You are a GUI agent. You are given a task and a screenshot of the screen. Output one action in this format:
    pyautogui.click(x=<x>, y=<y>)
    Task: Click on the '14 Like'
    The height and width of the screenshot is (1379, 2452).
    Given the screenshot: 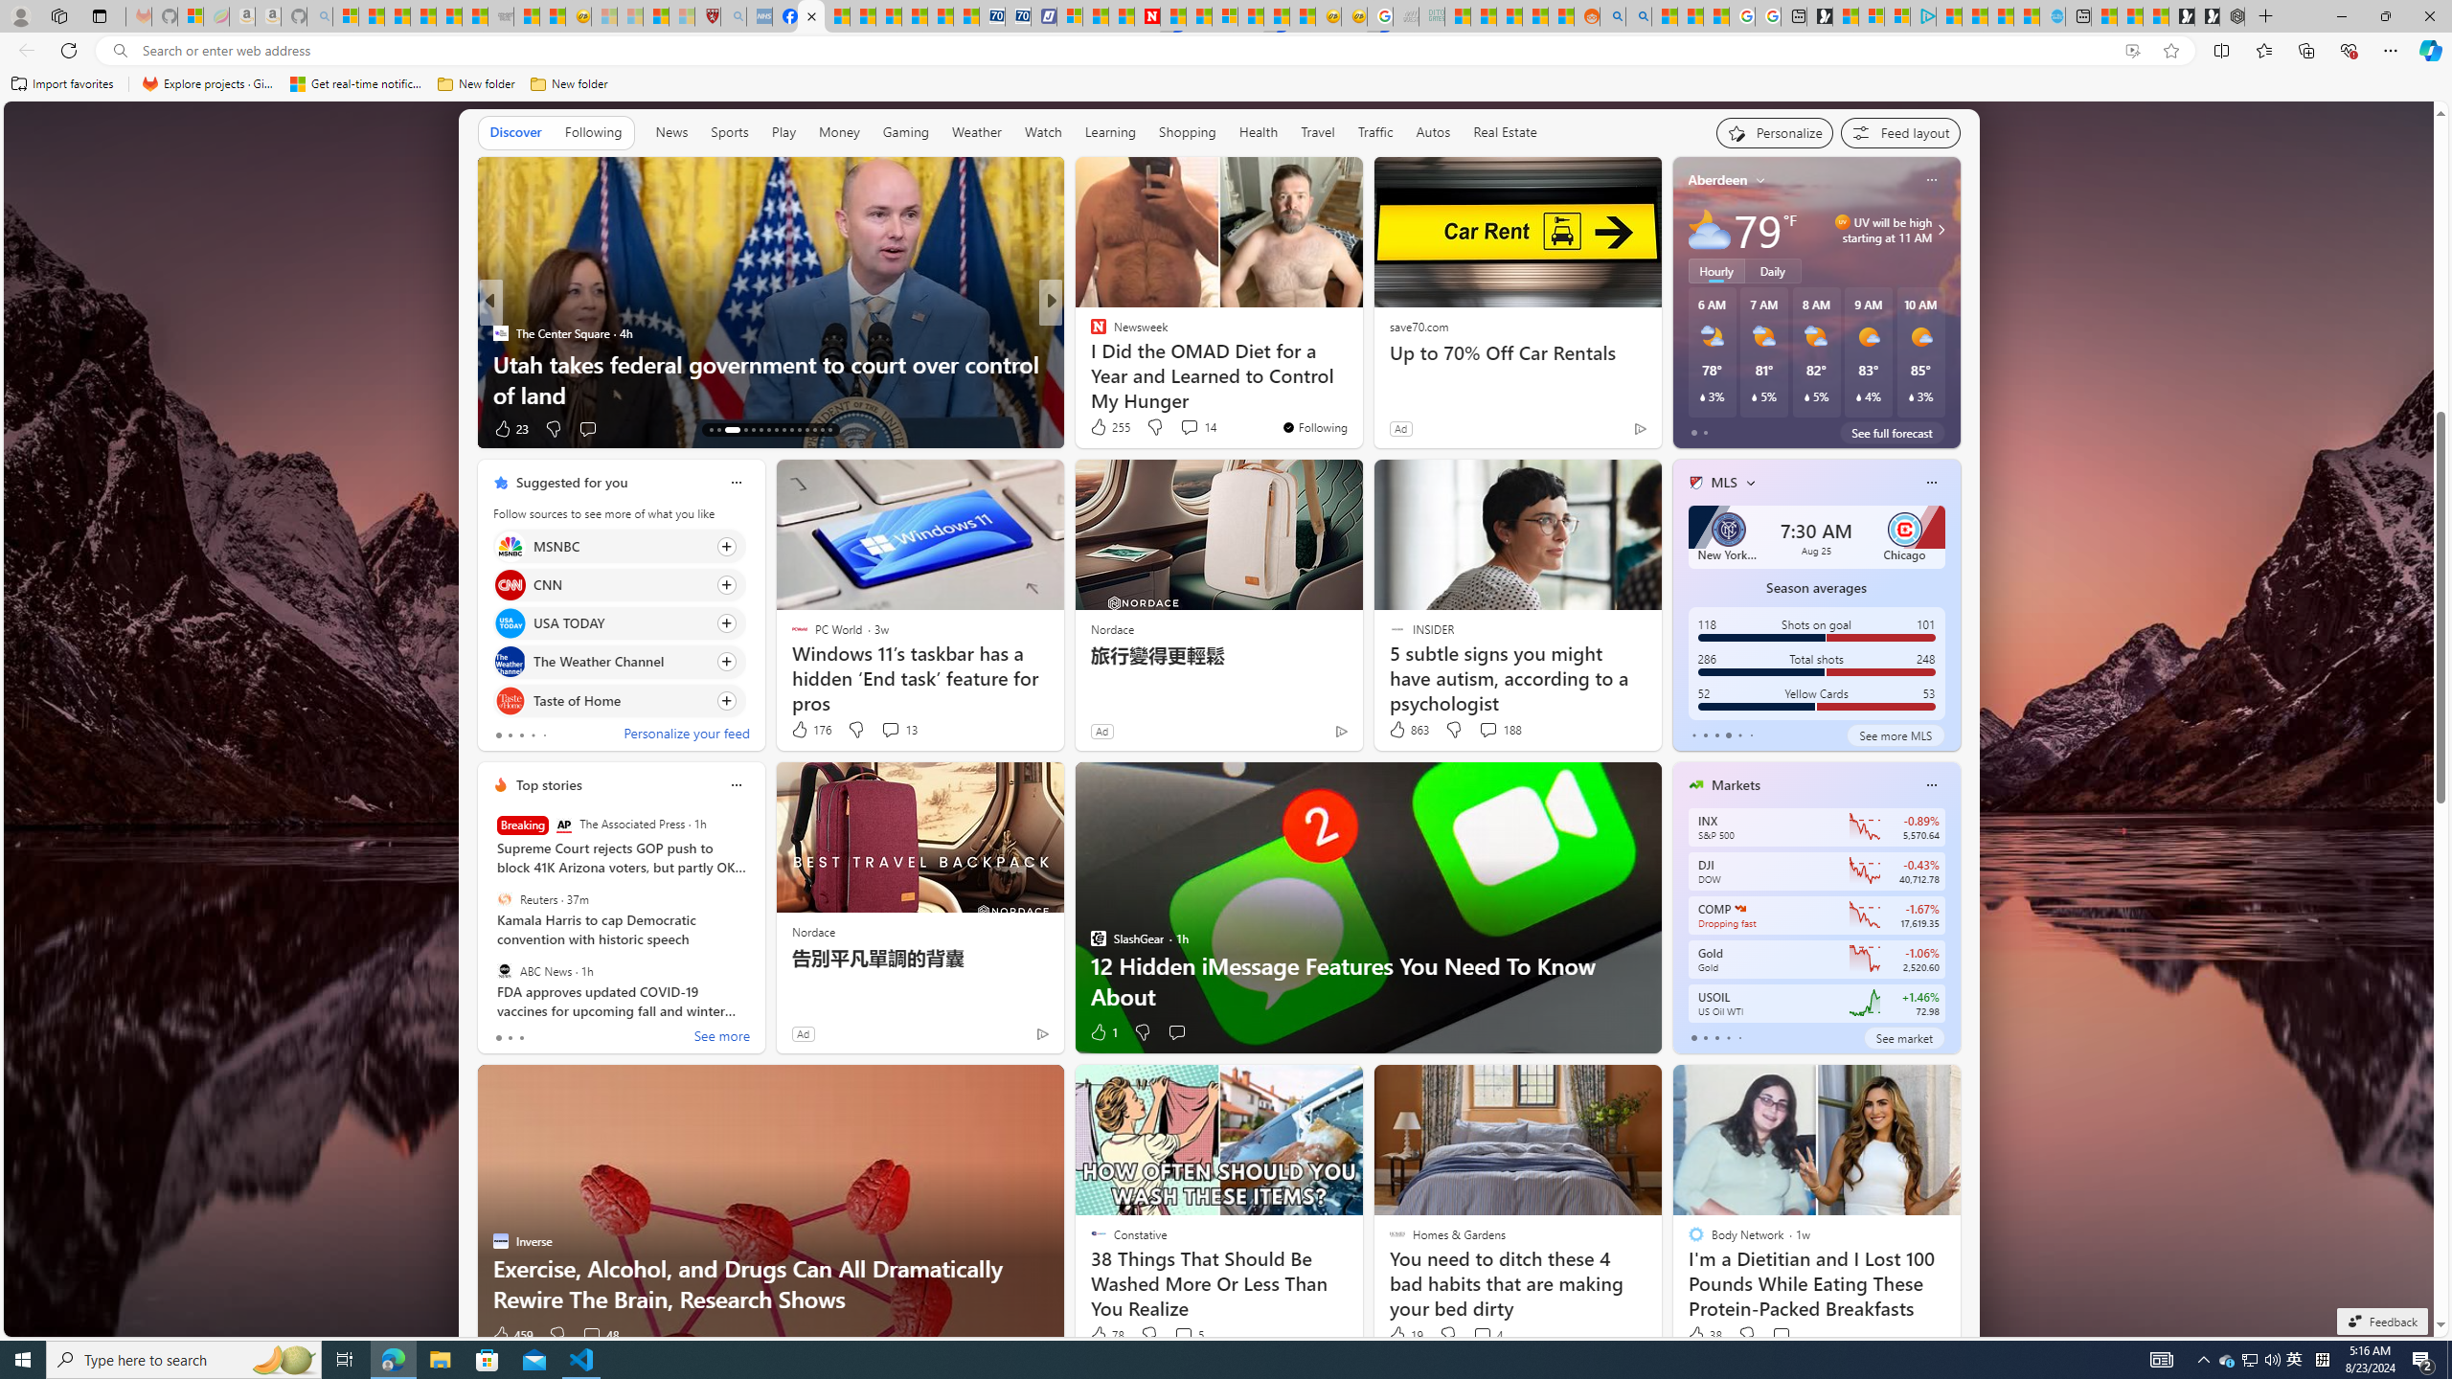 What is the action you would take?
    pyautogui.click(x=1099, y=428)
    